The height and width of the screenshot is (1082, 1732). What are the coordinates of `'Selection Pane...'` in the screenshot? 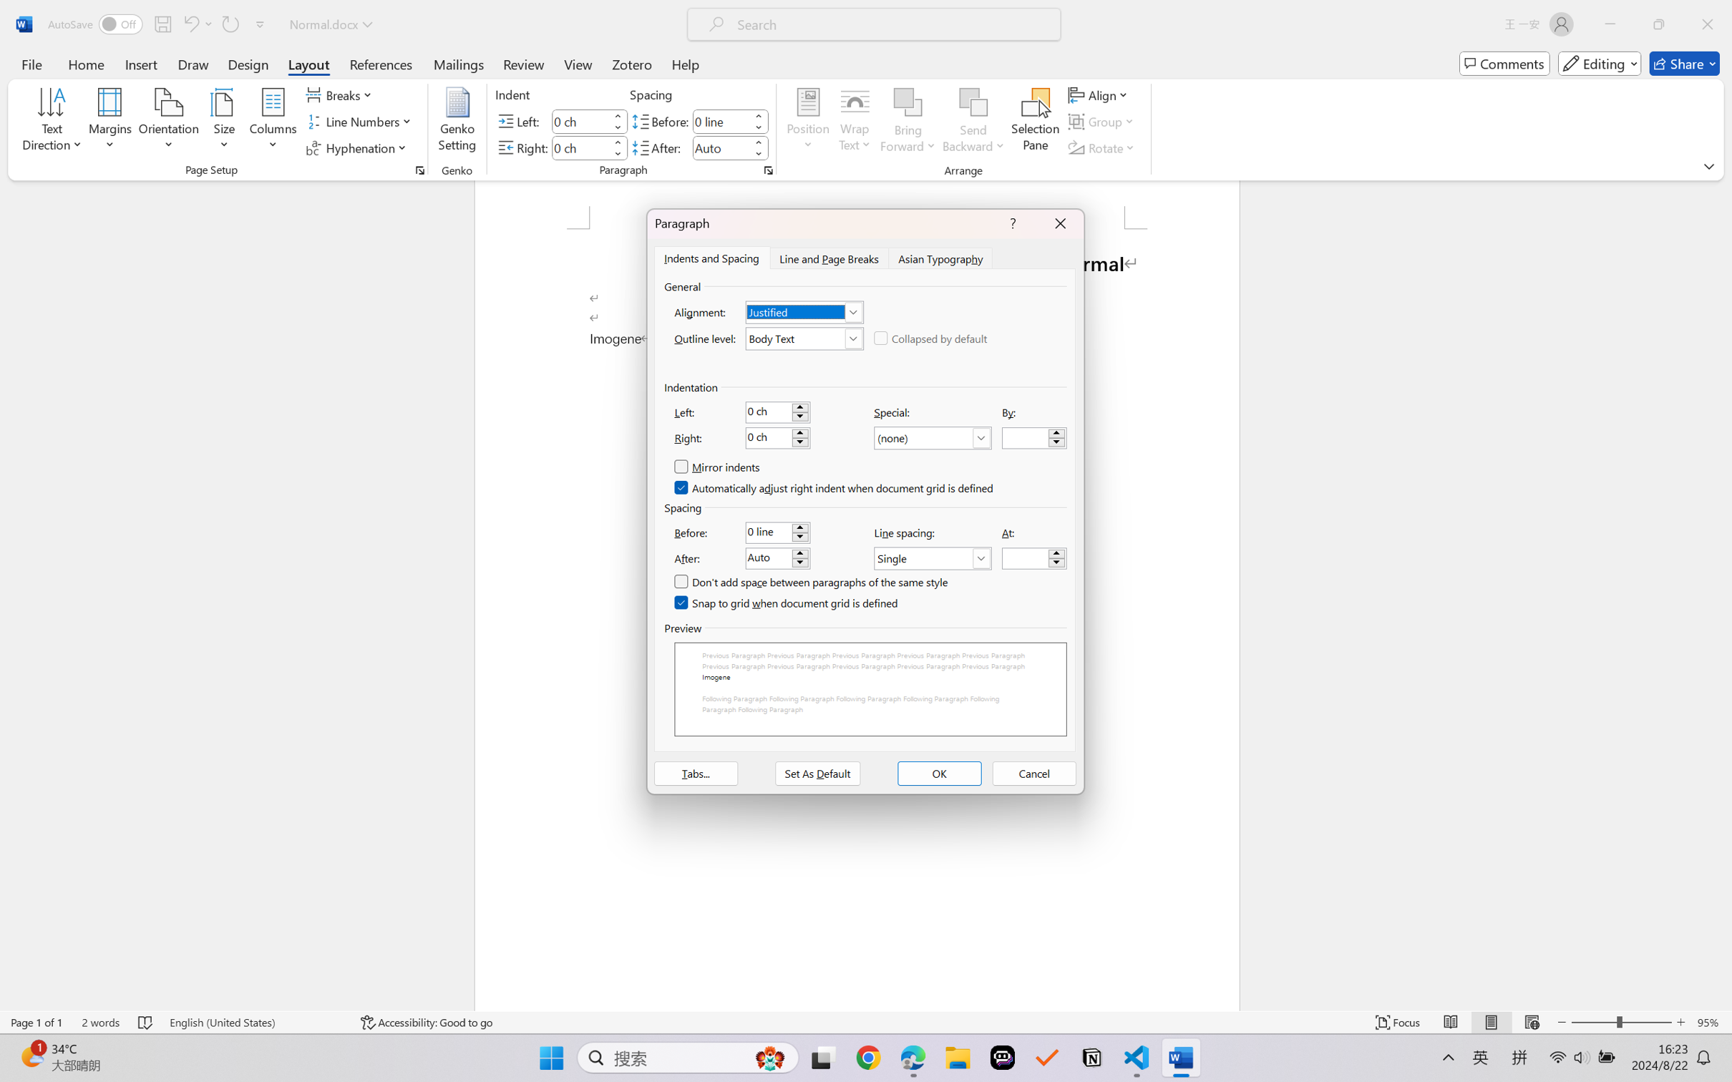 It's located at (1034, 122).